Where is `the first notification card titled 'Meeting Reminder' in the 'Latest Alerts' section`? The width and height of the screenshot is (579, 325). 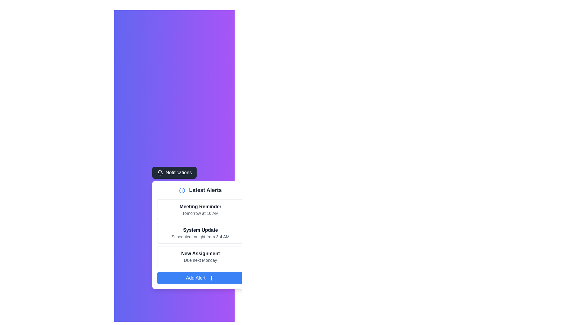 the first notification card titled 'Meeting Reminder' in the 'Latest Alerts' section is located at coordinates (200, 209).